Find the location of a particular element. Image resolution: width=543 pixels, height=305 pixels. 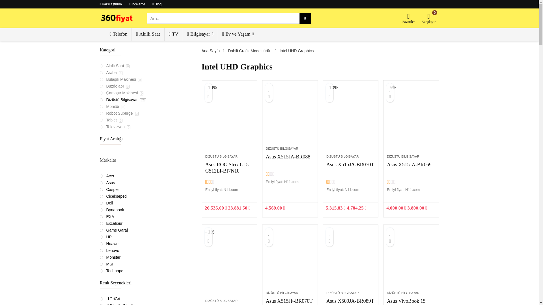

'Asus X515JF-BR070T' is located at coordinates (289, 300).